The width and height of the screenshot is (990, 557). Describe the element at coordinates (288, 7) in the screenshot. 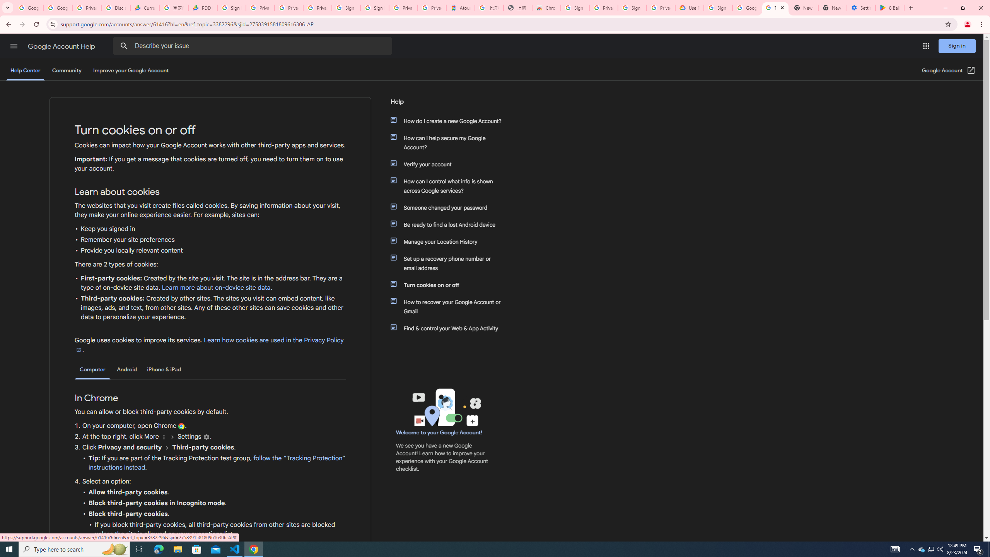

I see `'Privacy Checkup'` at that location.